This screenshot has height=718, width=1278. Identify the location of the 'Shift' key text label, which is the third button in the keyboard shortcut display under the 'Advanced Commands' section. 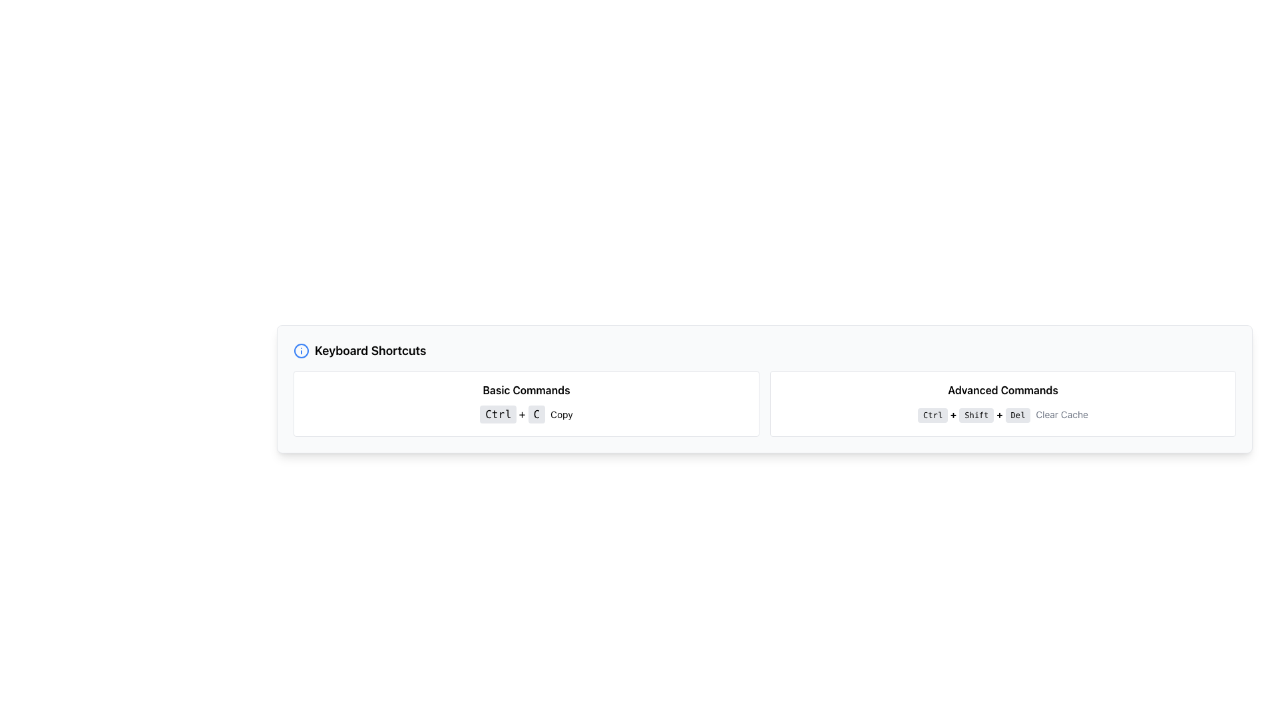
(976, 414).